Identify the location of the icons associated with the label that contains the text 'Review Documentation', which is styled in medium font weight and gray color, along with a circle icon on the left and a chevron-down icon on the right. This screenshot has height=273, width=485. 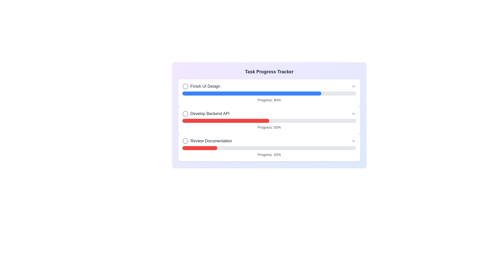
(269, 141).